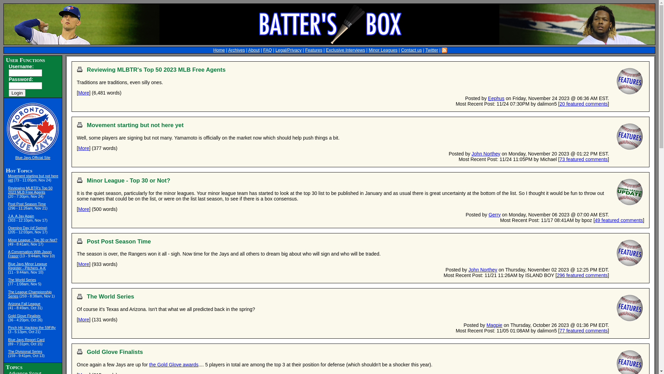 The image size is (664, 374). What do you see at coordinates (32, 157) in the screenshot?
I see `'Blue Jays Official Site'` at bounding box center [32, 157].